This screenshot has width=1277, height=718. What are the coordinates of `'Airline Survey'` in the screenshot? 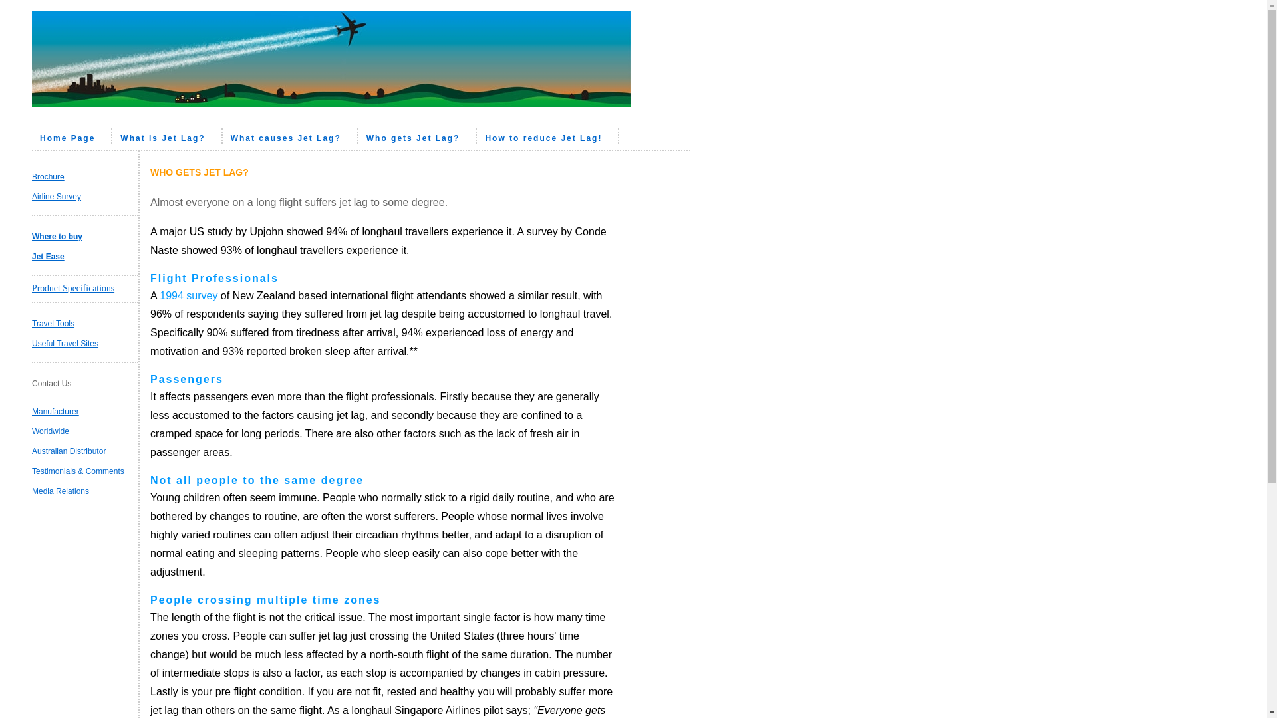 It's located at (56, 197).